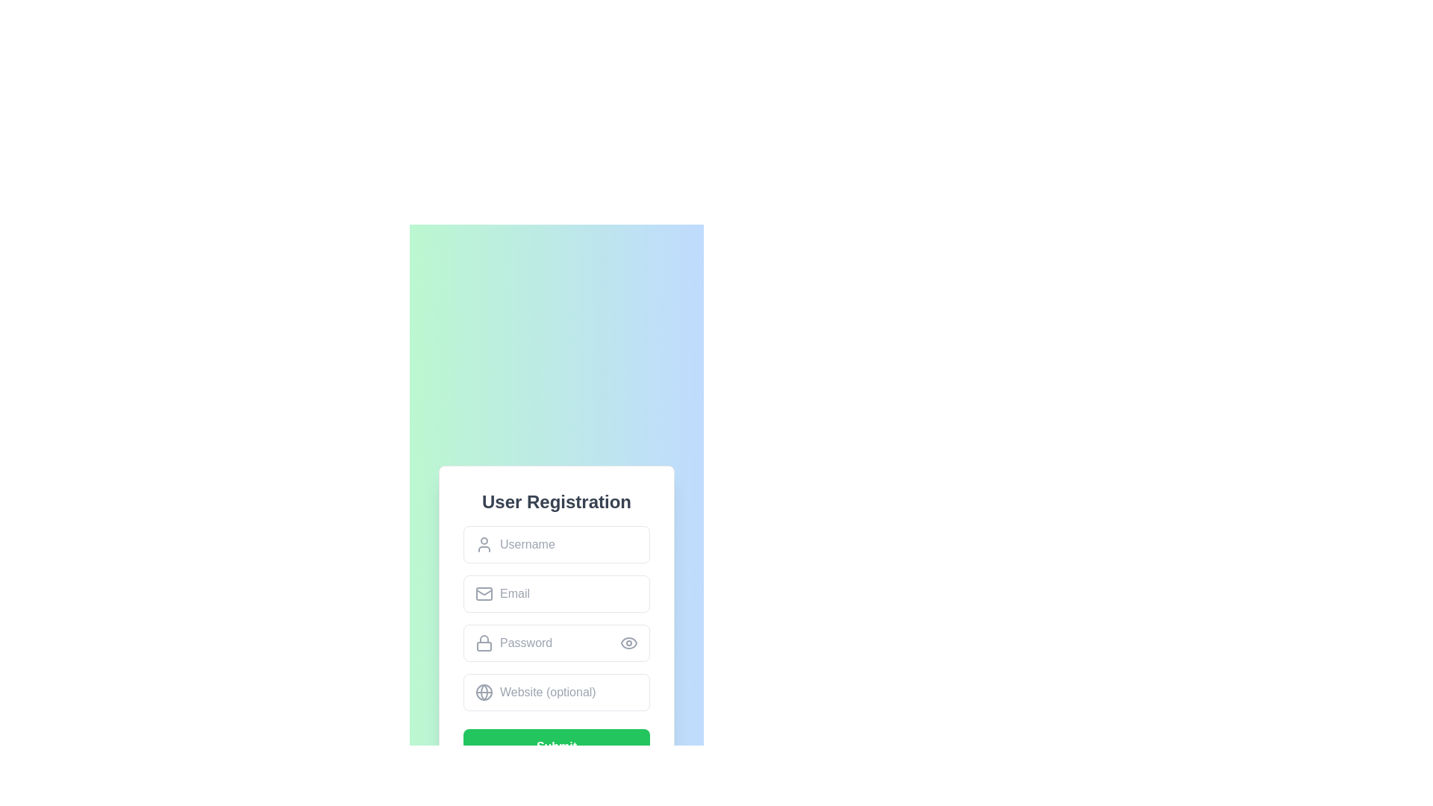 The height and width of the screenshot is (806, 1433). What do you see at coordinates (484, 642) in the screenshot?
I see `the visual cue provided by the padlock icon, which indicates the purpose of the password input field` at bounding box center [484, 642].